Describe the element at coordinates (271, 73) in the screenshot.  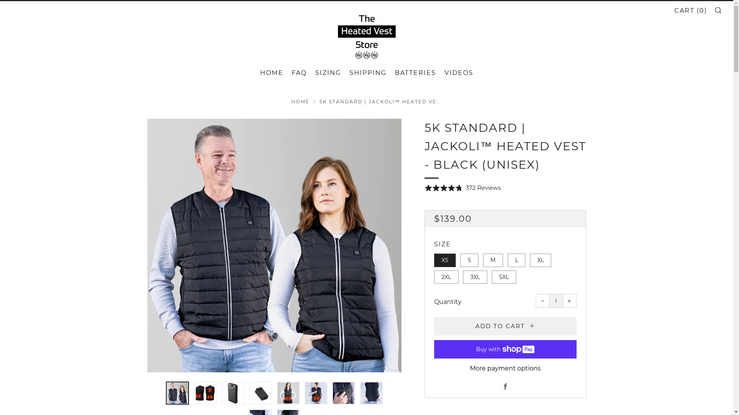
I see `'HOME'` at that location.